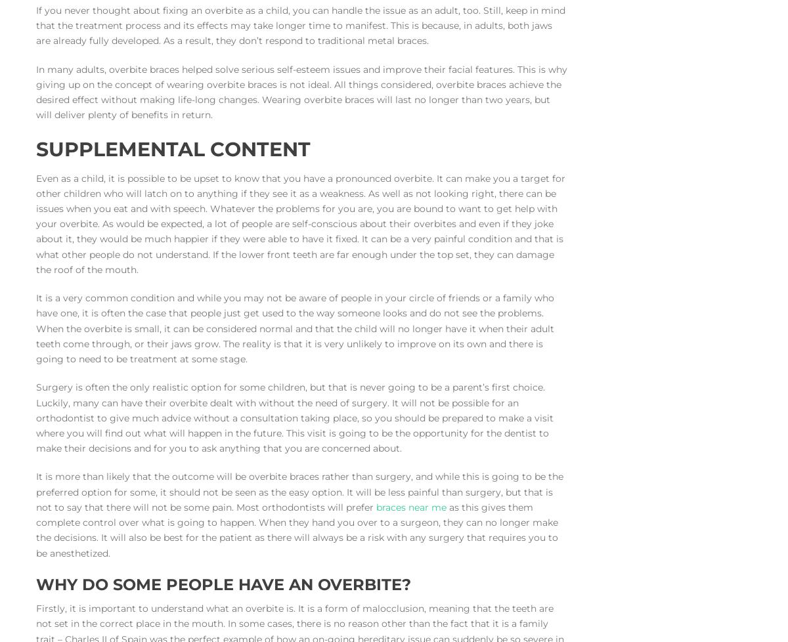 The height and width of the screenshot is (642, 788). Describe the element at coordinates (301, 91) in the screenshot. I see `'In many adults, overbite braces helped solve serious self-esteem issues and improve their facial features. This is why giving up on the concept of wearing overbite braces is not ideal. All things considered, overbite braces achieve the desired effect without making life-long changes. Wearing overbite braces will last no longer than two years, but will deliver plenty of benefits in return.'` at that location.